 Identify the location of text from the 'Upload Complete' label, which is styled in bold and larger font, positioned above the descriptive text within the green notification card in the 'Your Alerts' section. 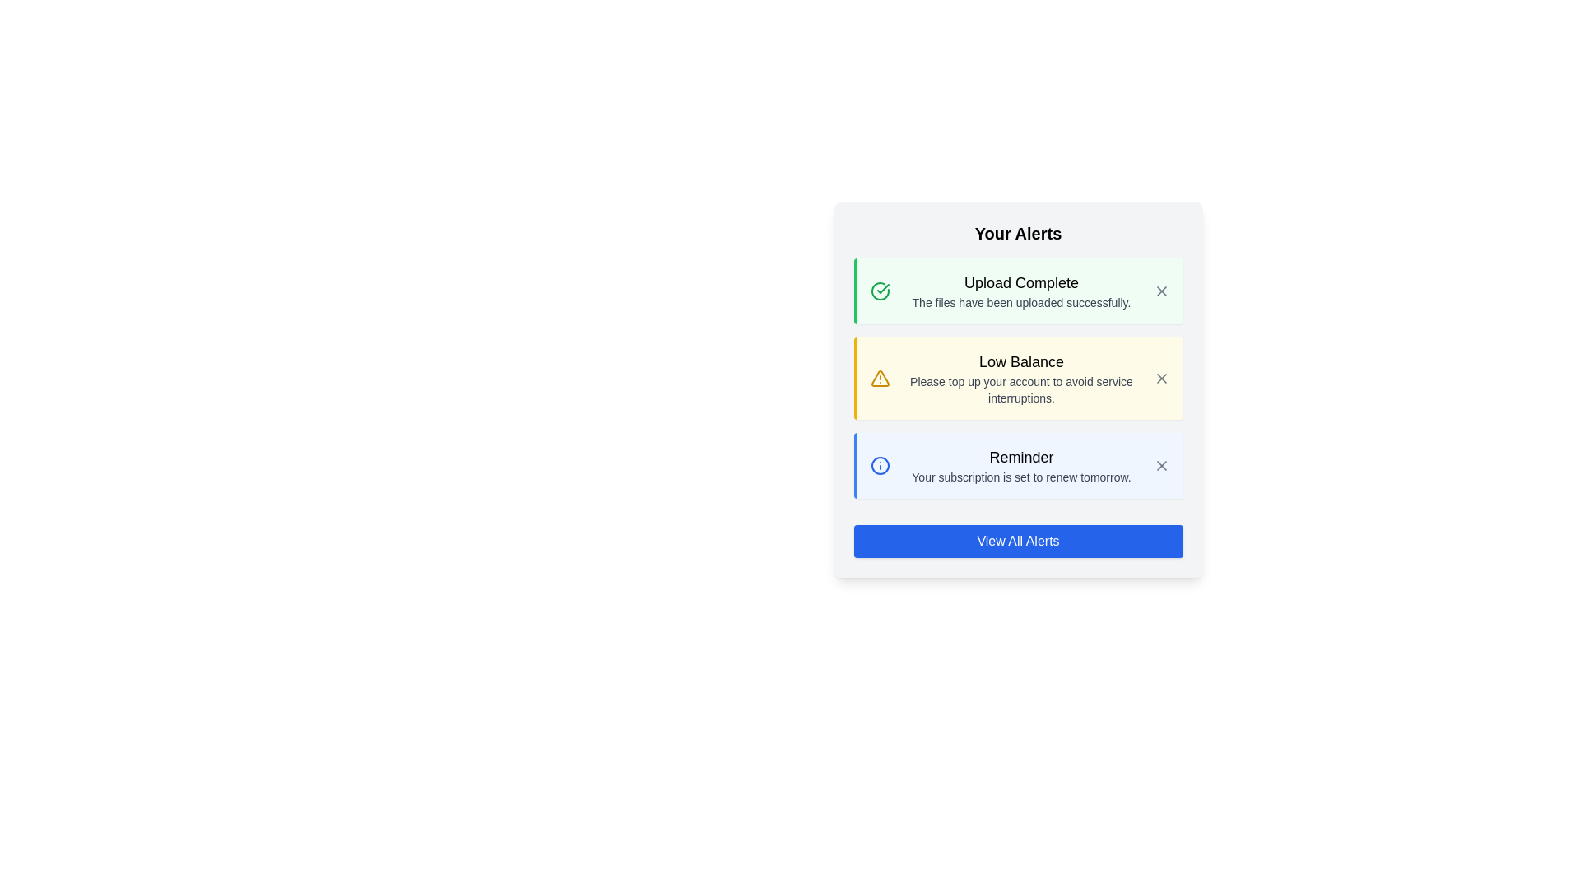
(1020, 282).